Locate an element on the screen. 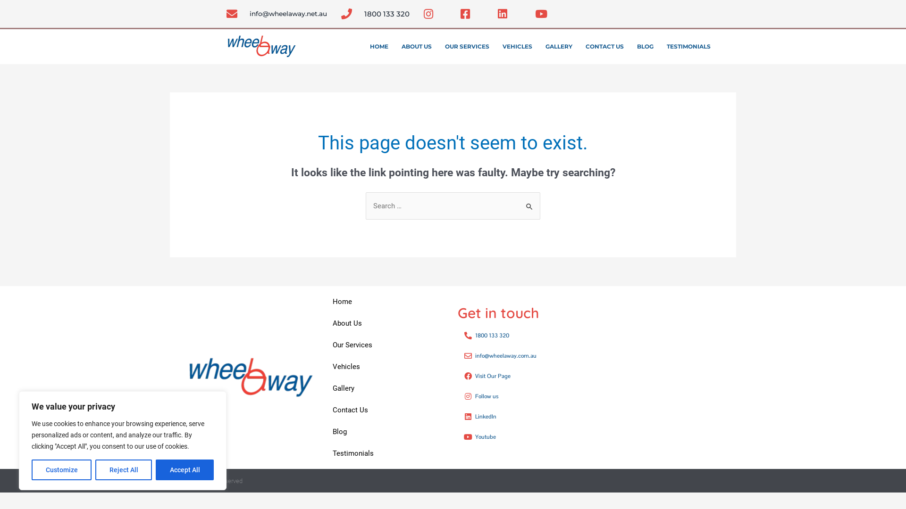  'Blog' is located at coordinates (386, 431).